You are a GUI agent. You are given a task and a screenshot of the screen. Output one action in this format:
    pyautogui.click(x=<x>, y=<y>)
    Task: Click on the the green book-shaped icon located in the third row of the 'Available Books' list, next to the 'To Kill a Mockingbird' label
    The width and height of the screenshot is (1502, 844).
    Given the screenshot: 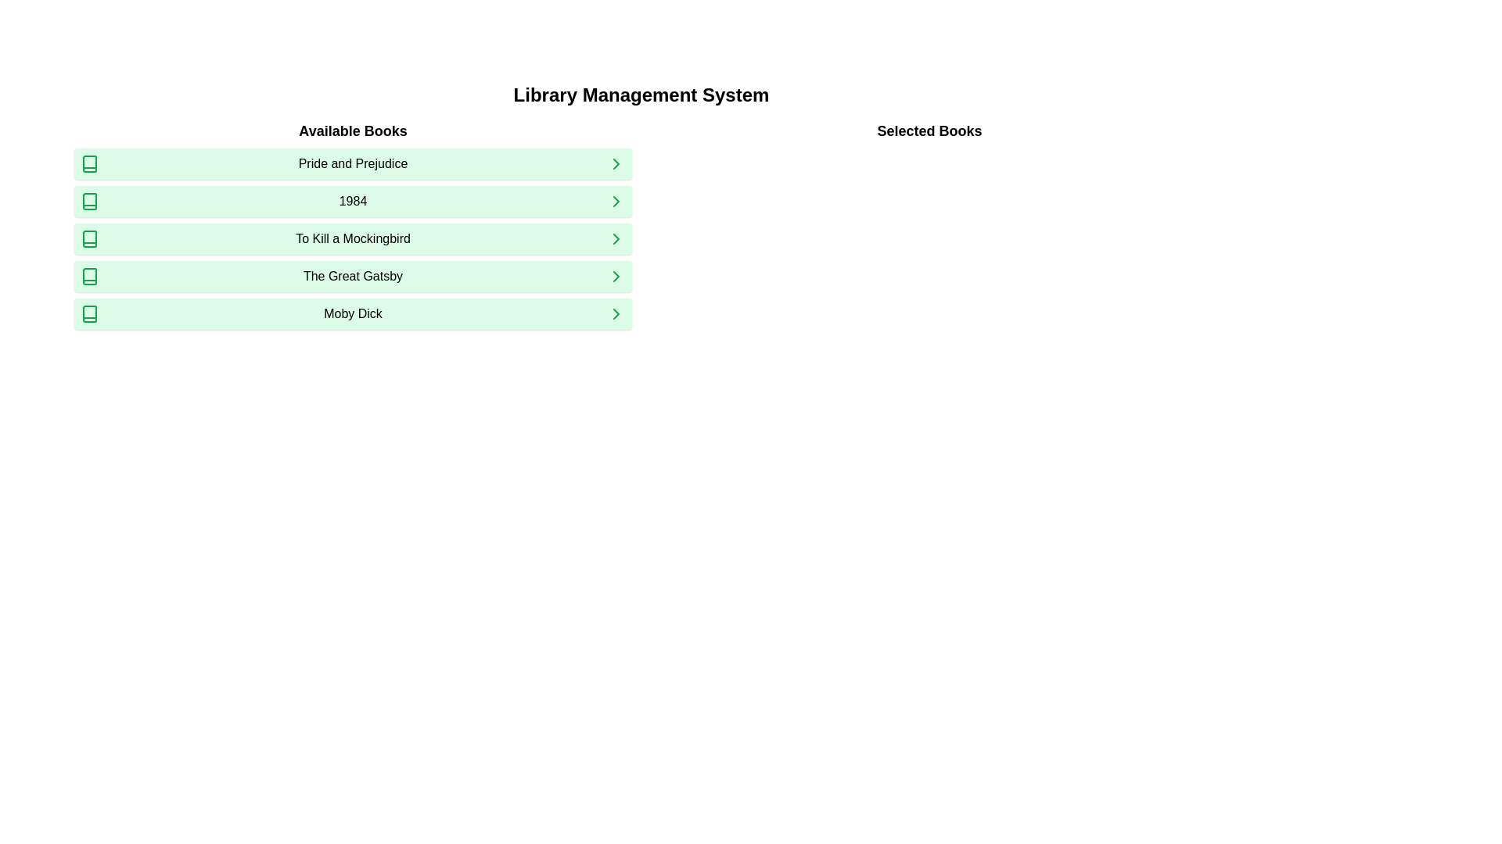 What is the action you would take?
    pyautogui.click(x=89, y=238)
    